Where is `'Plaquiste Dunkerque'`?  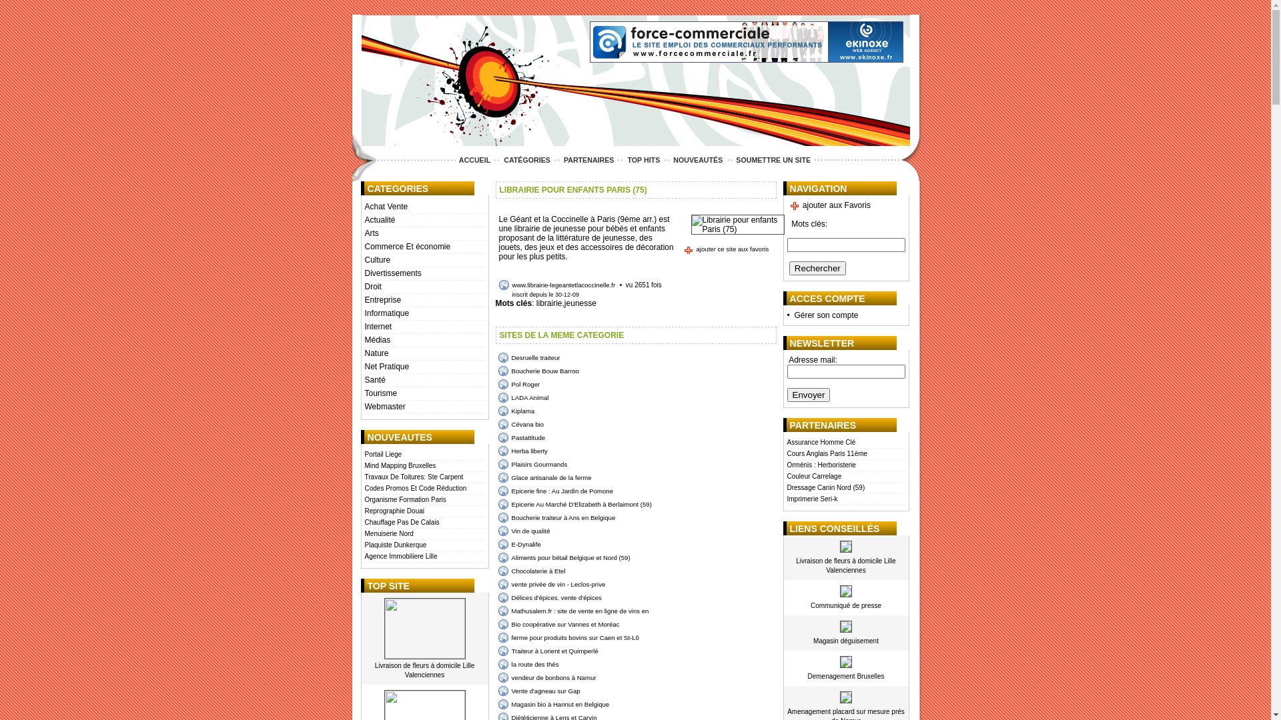
'Plaquiste Dunkerque' is located at coordinates (364, 545).